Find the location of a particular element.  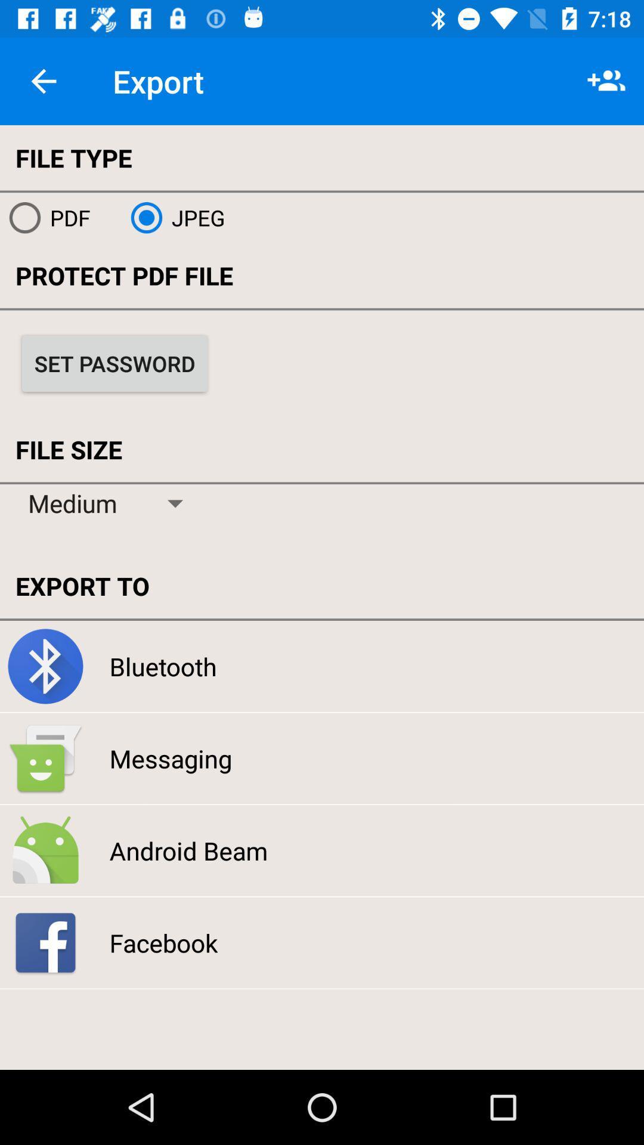

the item above the file size item is located at coordinates (114, 363).